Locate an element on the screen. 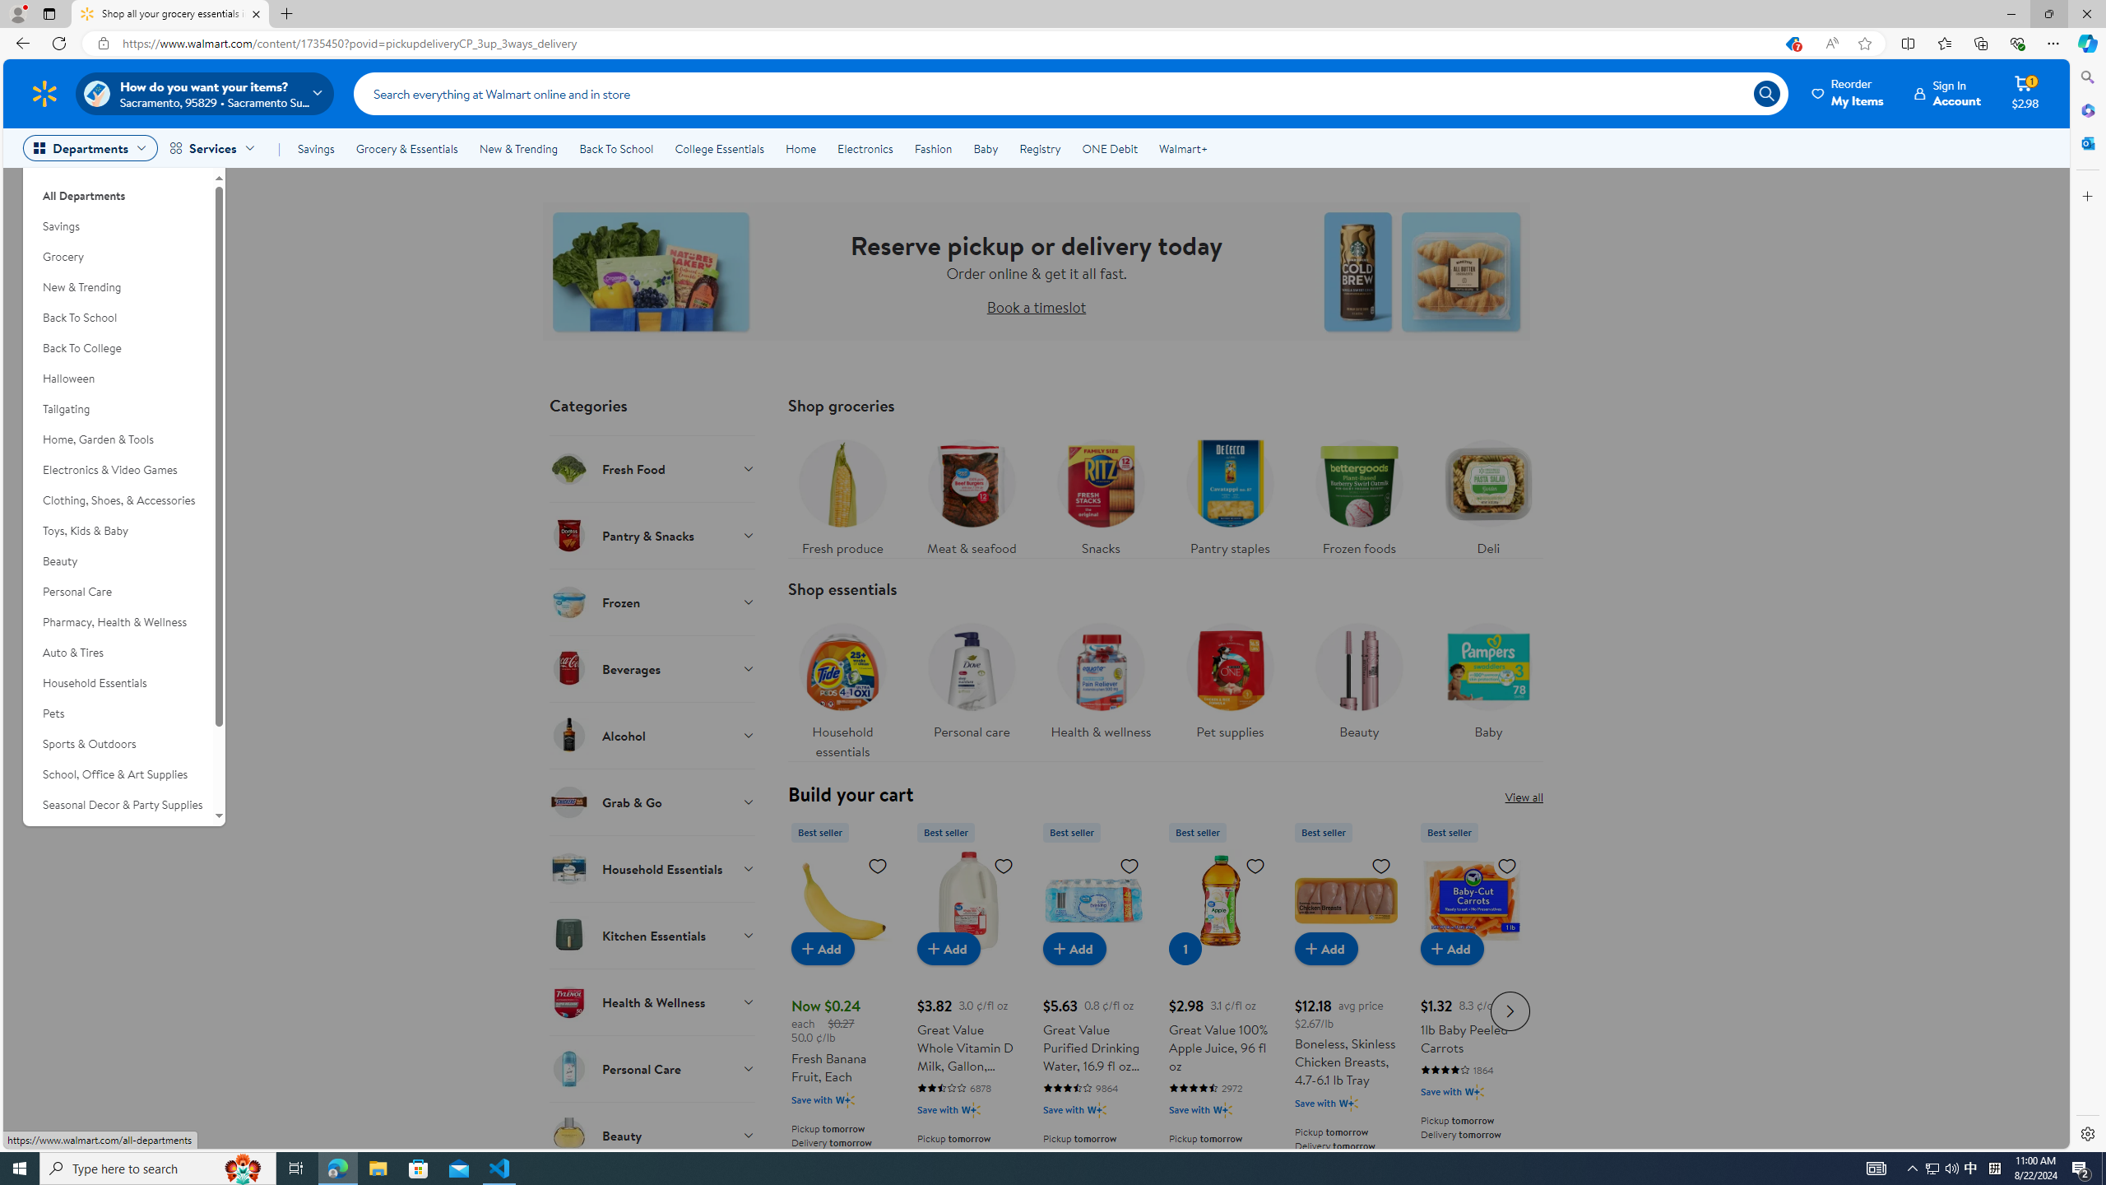 Image resolution: width=2106 pixels, height=1185 pixels. 'Baby' is located at coordinates (1488, 685).